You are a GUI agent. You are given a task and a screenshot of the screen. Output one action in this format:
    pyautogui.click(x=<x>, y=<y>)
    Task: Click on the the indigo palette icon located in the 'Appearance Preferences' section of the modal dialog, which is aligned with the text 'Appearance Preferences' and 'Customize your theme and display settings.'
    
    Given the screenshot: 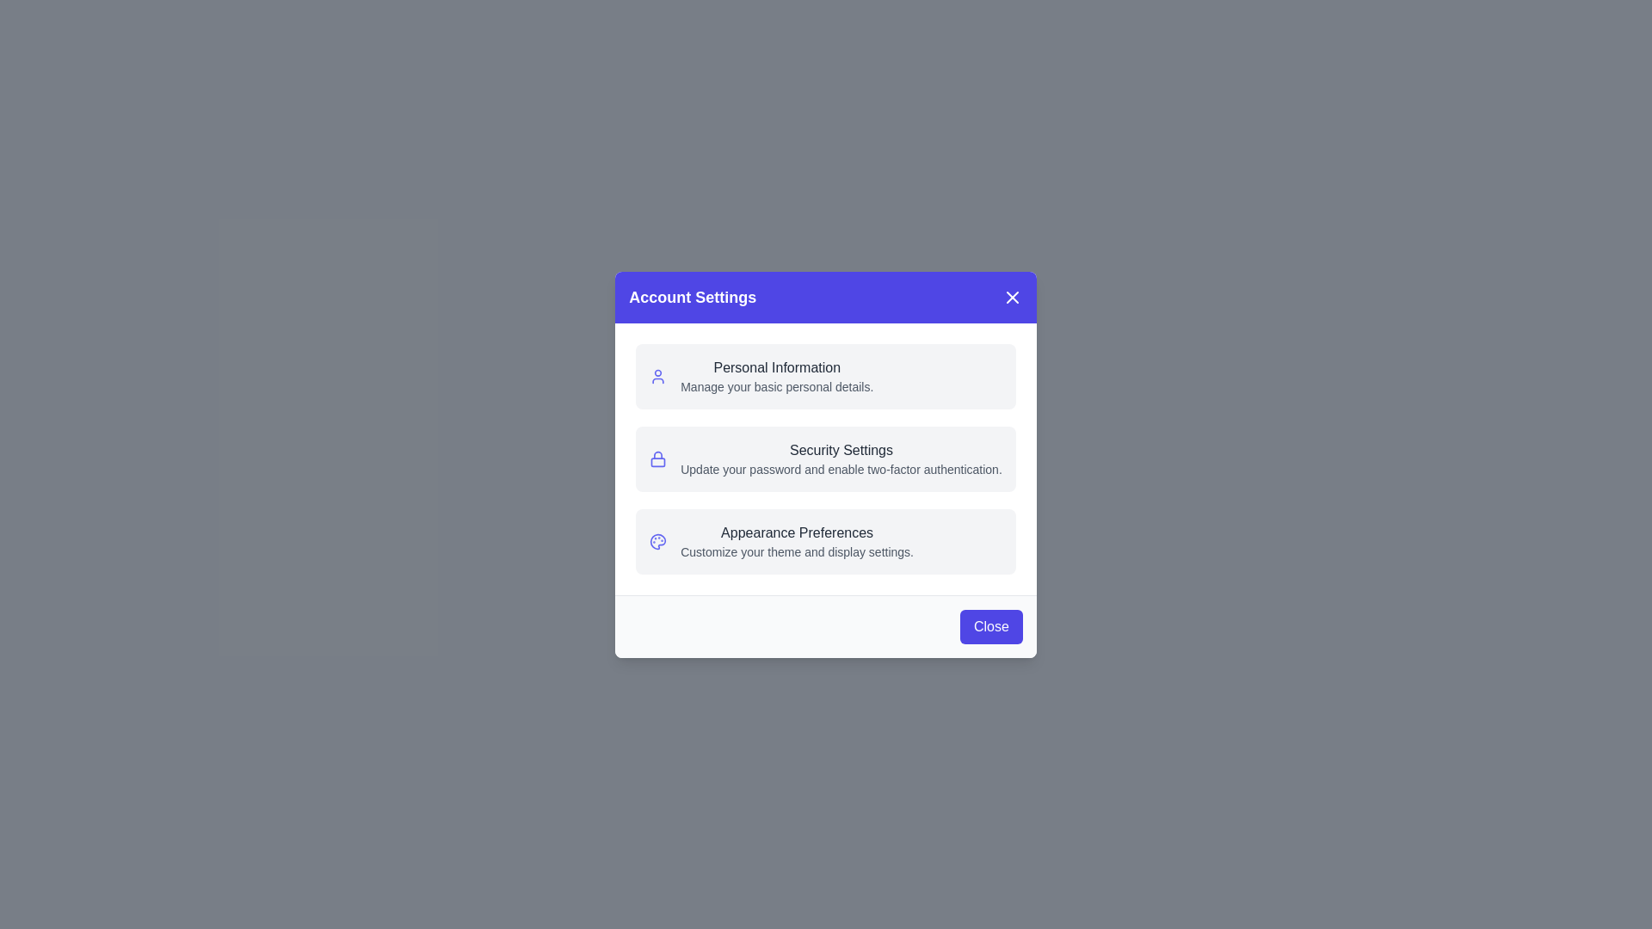 What is the action you would take?
    pyautogui.click(x=657, y=540)
    